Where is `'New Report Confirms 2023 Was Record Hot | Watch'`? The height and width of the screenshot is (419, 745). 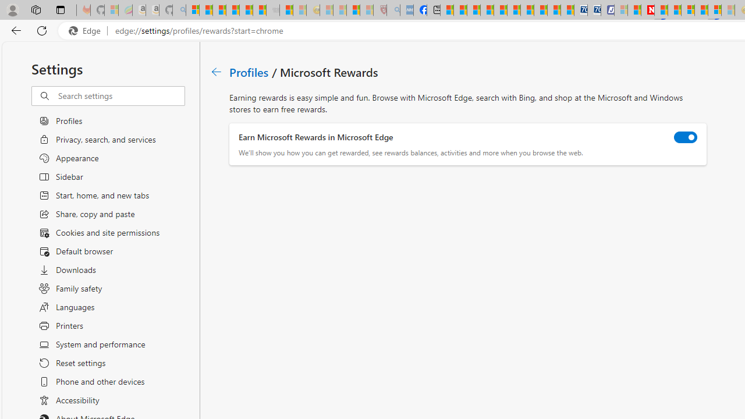 'New Report Confirms 2023 Was Record Hot | Watch' is located at coordinates (246, 10).